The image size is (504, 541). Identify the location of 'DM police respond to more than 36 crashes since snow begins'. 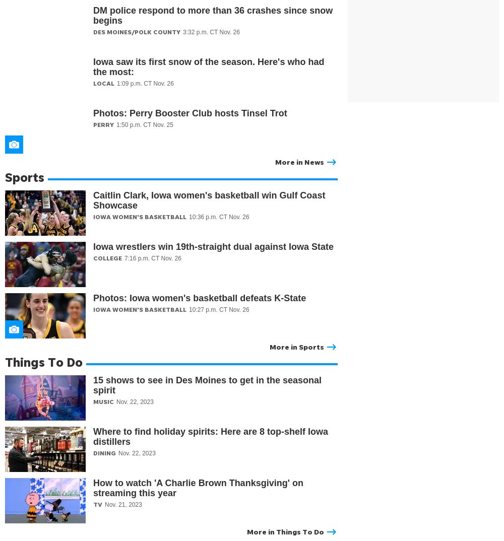
(213, 15).